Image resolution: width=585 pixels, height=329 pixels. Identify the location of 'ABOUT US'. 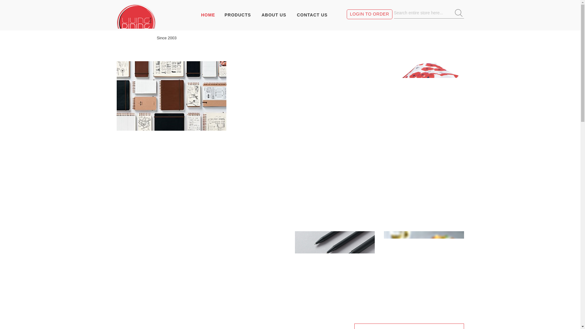
(273, 15).